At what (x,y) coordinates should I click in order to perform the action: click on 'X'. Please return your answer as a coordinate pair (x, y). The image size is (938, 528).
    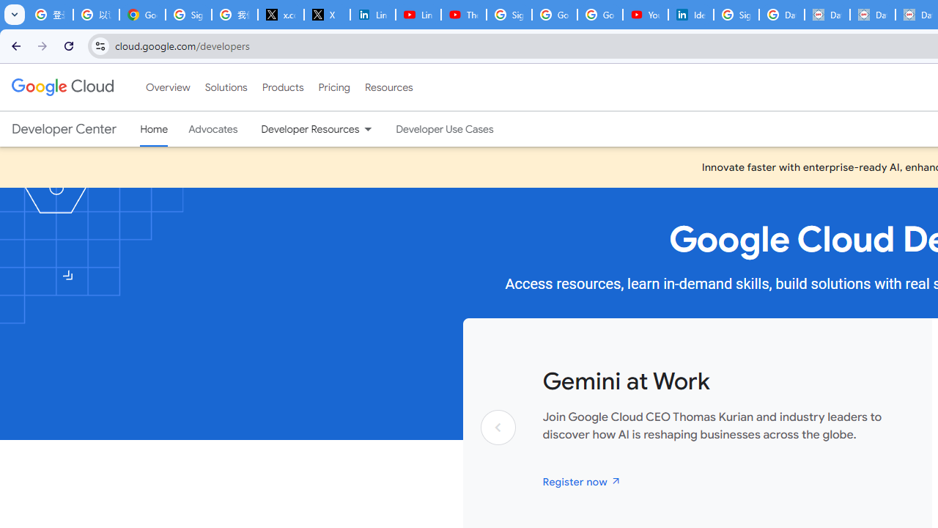
    Looking at the image, I should click on (326, 15).